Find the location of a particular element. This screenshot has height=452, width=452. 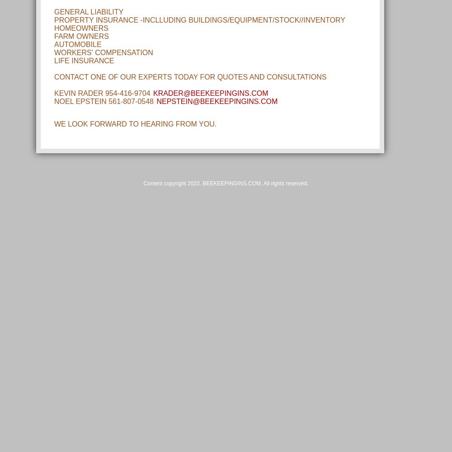

'2023. BEEKEEPINGINS.COM. All rights reserved.' is located at coordinates (248, 184).